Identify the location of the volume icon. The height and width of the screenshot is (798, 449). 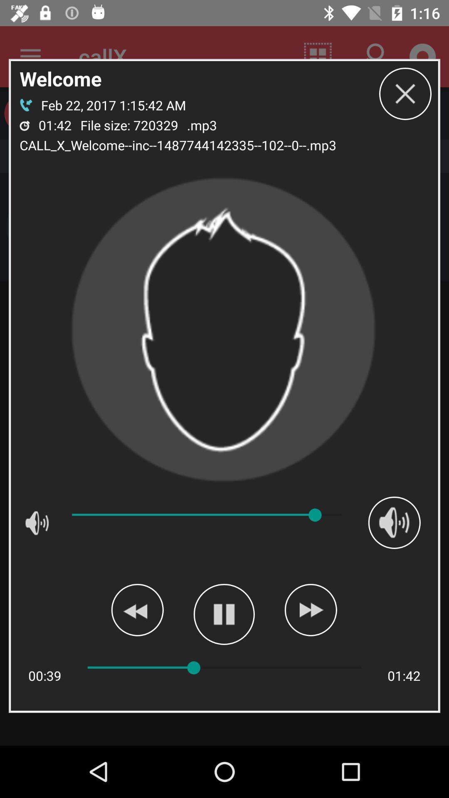
(394, 522).